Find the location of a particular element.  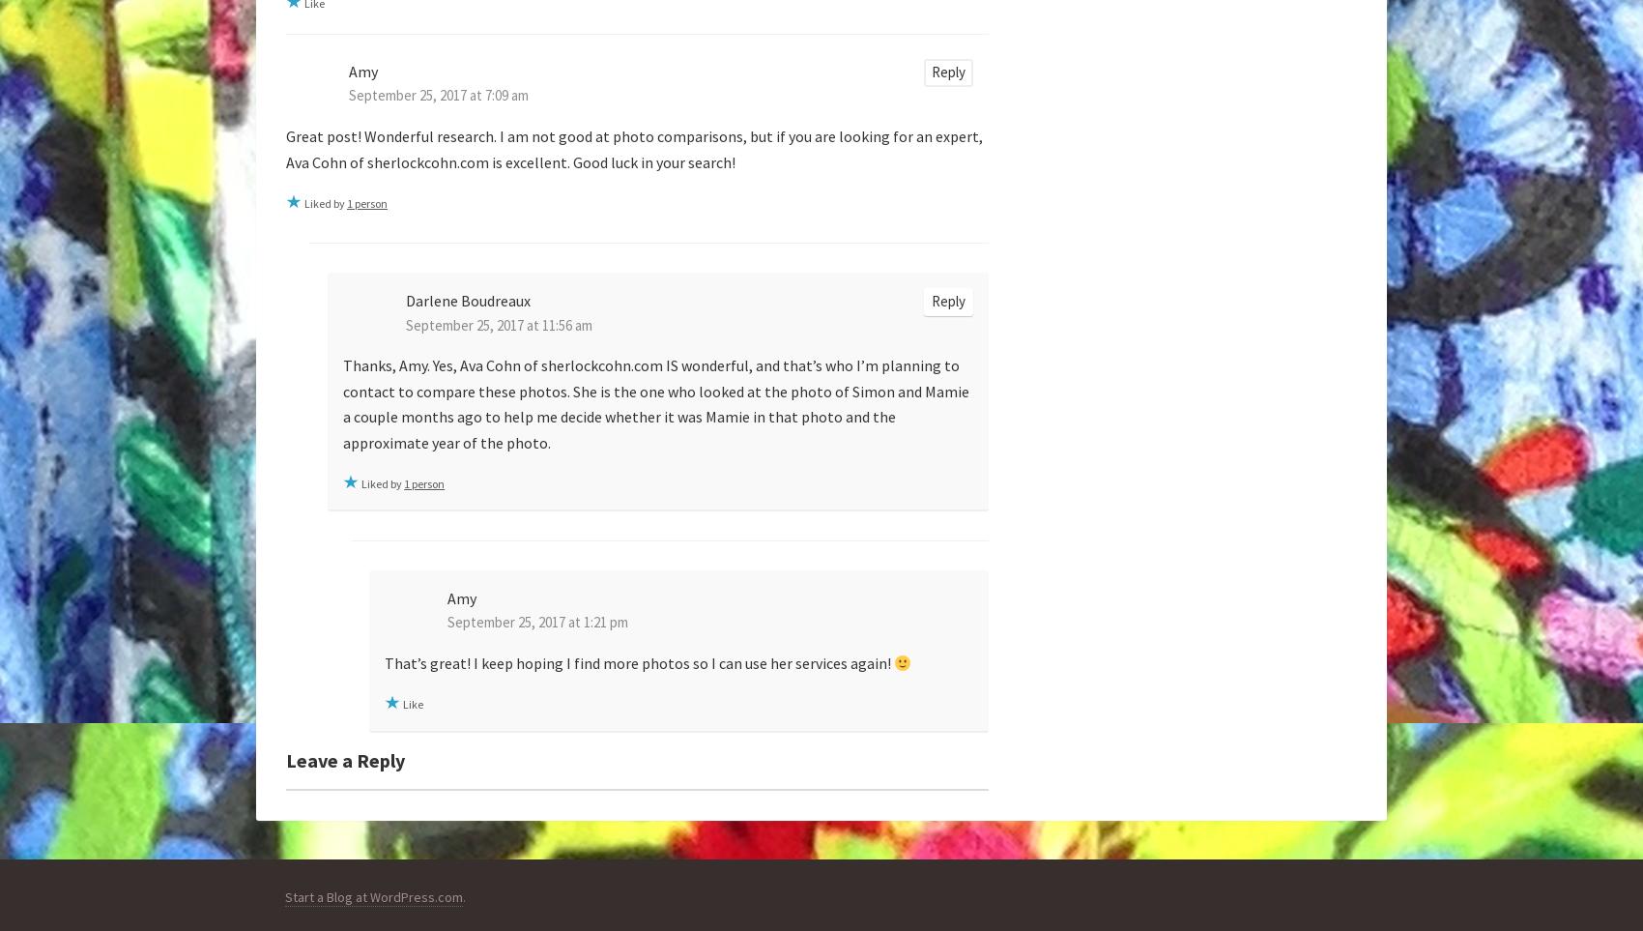

'Leave a Reply' is located at coordinates (344, 759).